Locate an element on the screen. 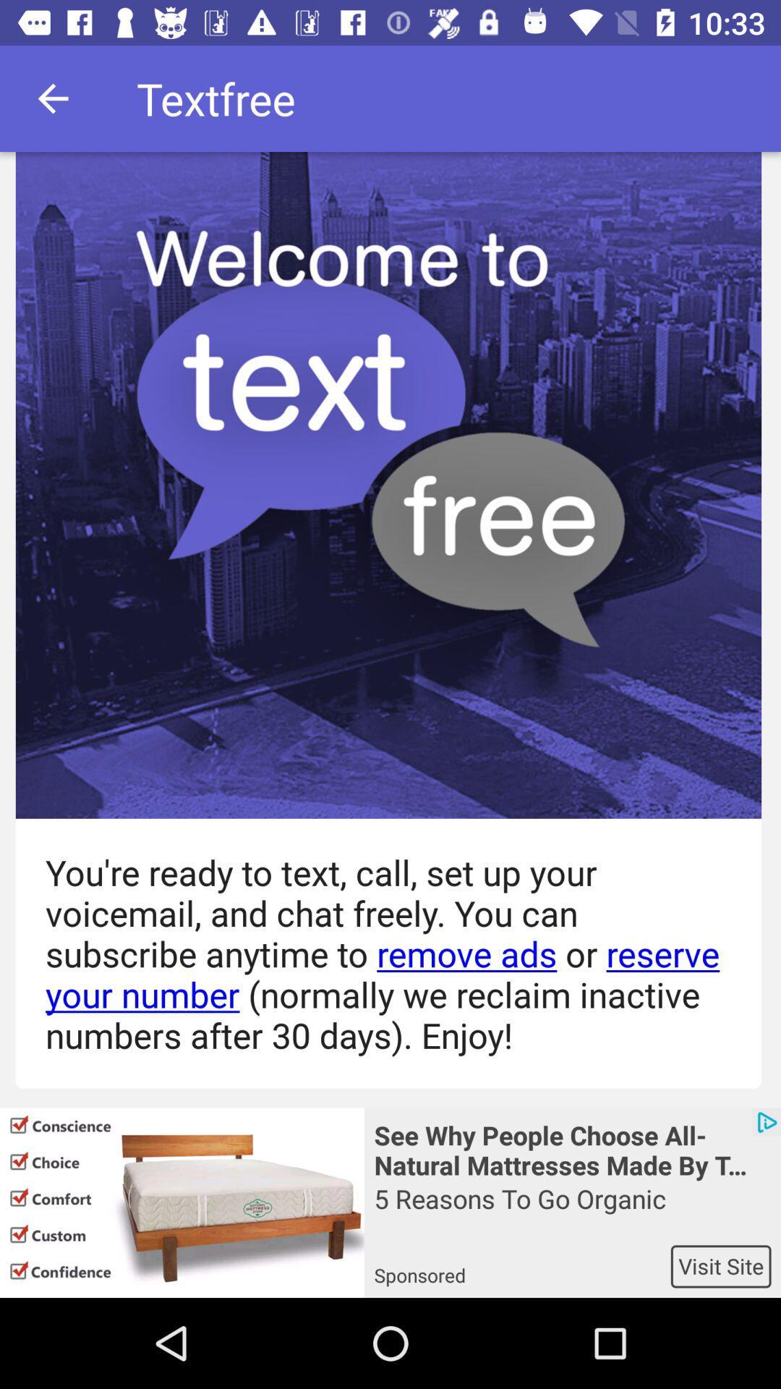 Image resolution: width=781 pixels, height=1389 pixels. app next to the see why people icon is located at coordinates (181, 1202).